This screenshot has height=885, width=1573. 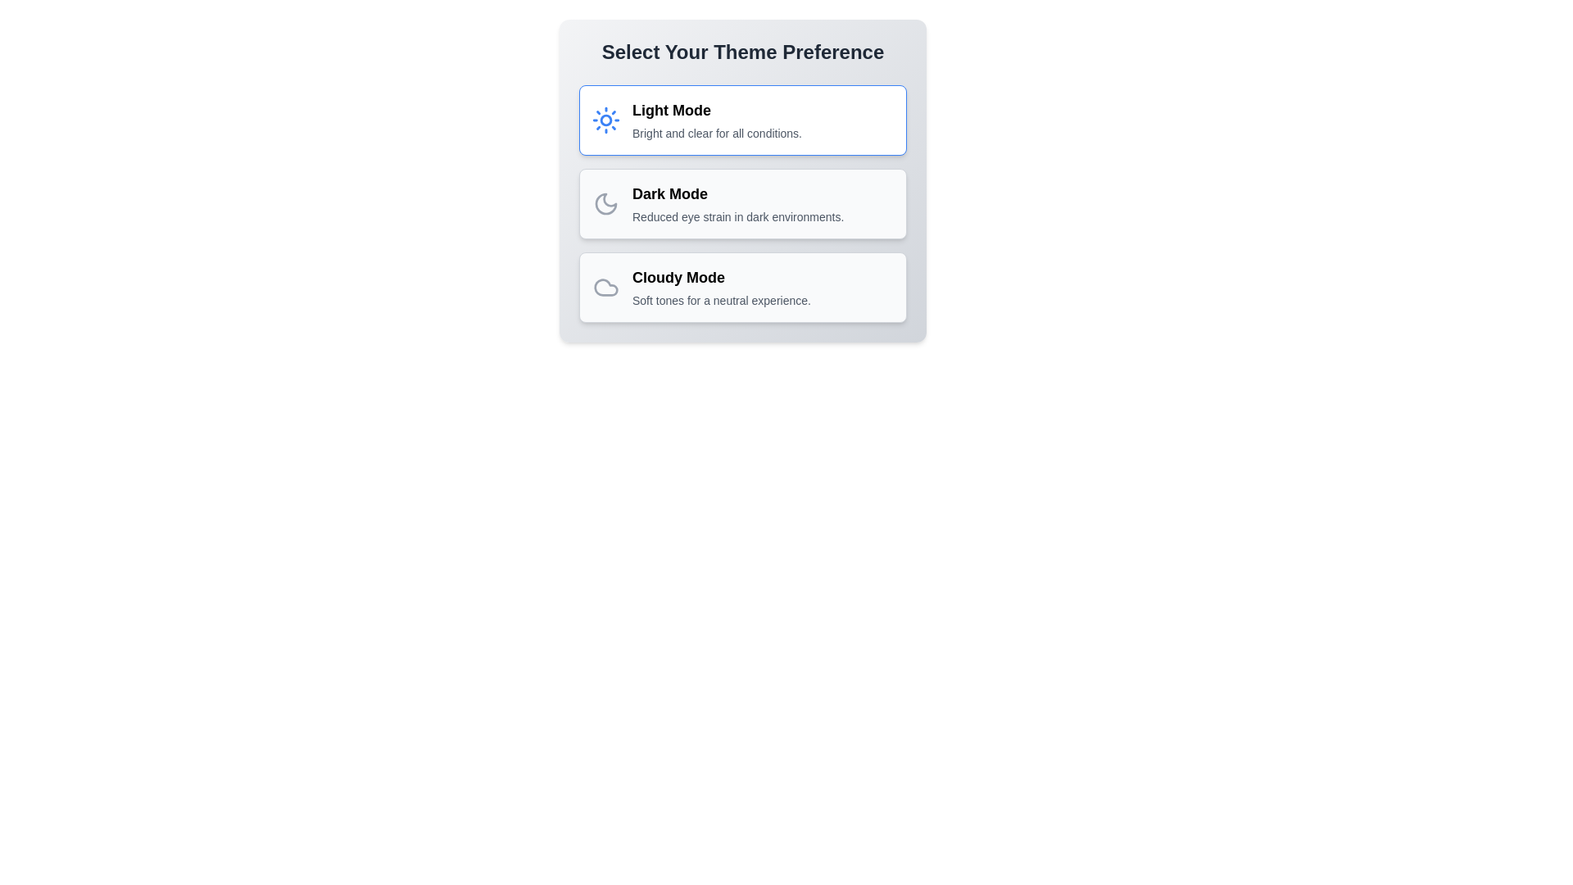 What do you see at coordinates (605, 287) in the screenshot?
I see `the cloud icon in the 'Cloudy Mode' section of the theme selector, which is a gray, rounded vector graphic resembling a cloud` at bounding box center [605, 287].